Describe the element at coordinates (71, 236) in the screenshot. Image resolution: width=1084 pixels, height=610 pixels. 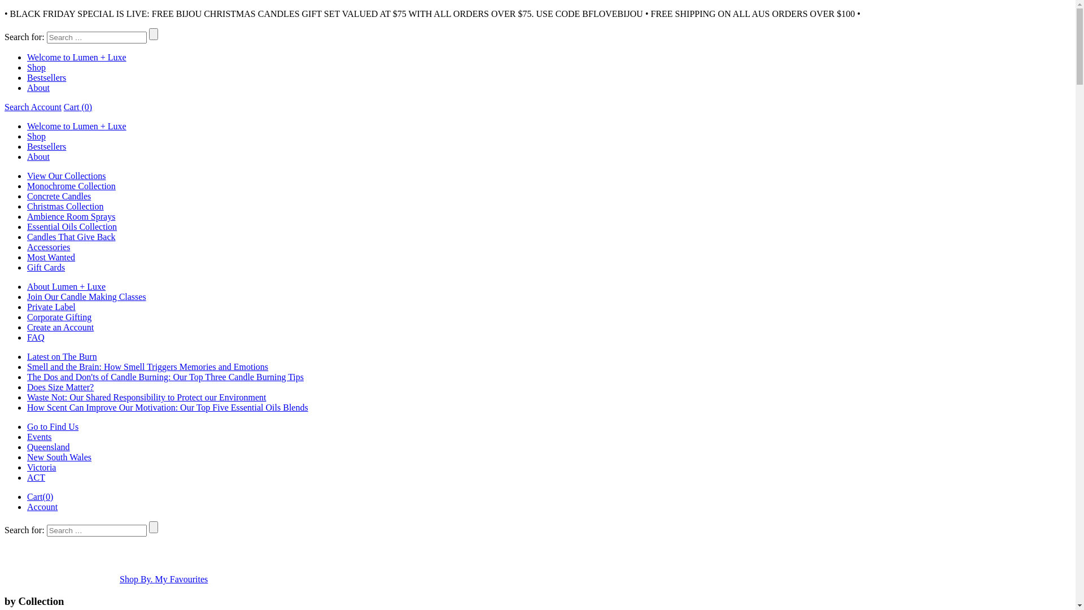
I see `'Candles That Give Back'` at that location.